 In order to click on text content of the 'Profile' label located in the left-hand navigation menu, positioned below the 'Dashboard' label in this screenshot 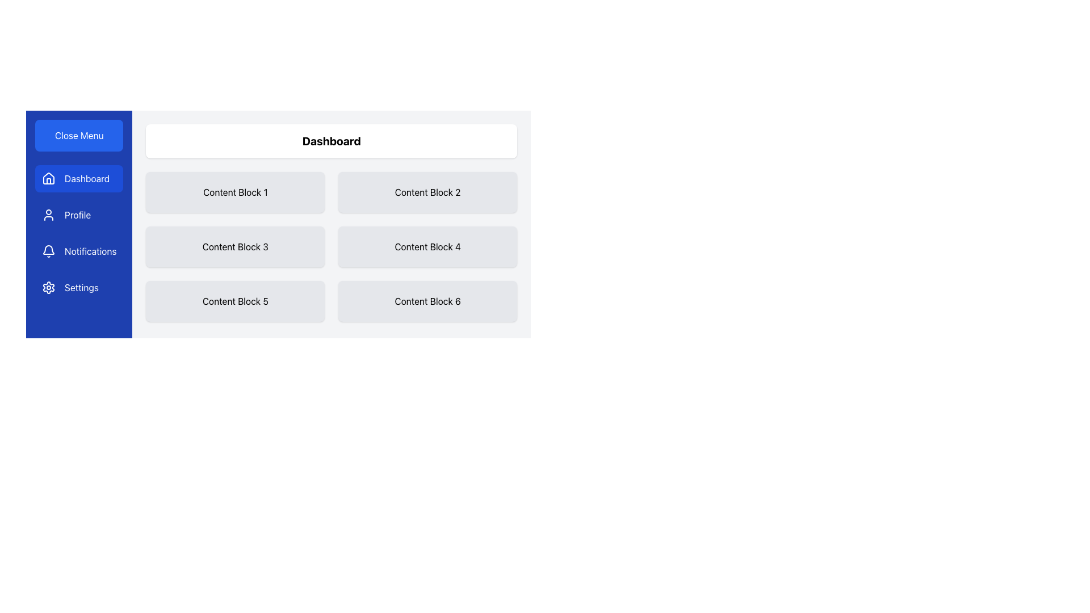, I will do `click(77, 215)`.